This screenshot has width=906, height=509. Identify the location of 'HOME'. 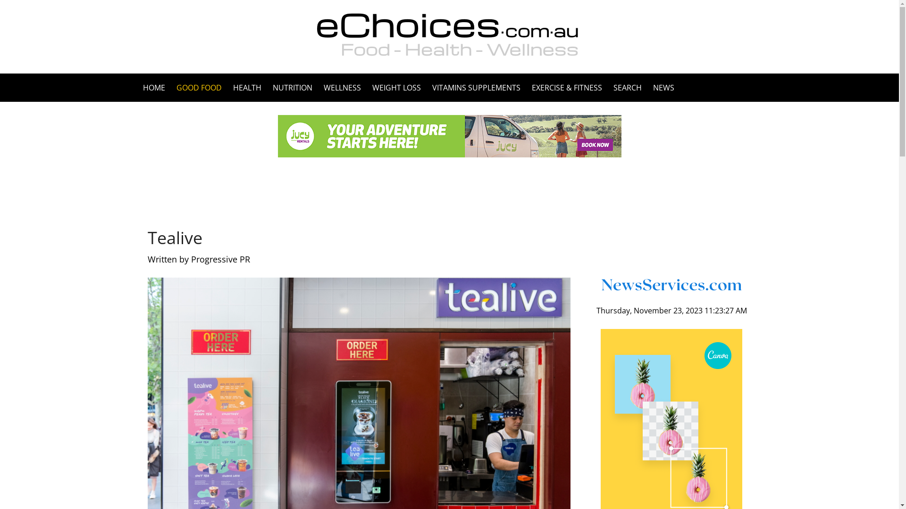
(156, 87).